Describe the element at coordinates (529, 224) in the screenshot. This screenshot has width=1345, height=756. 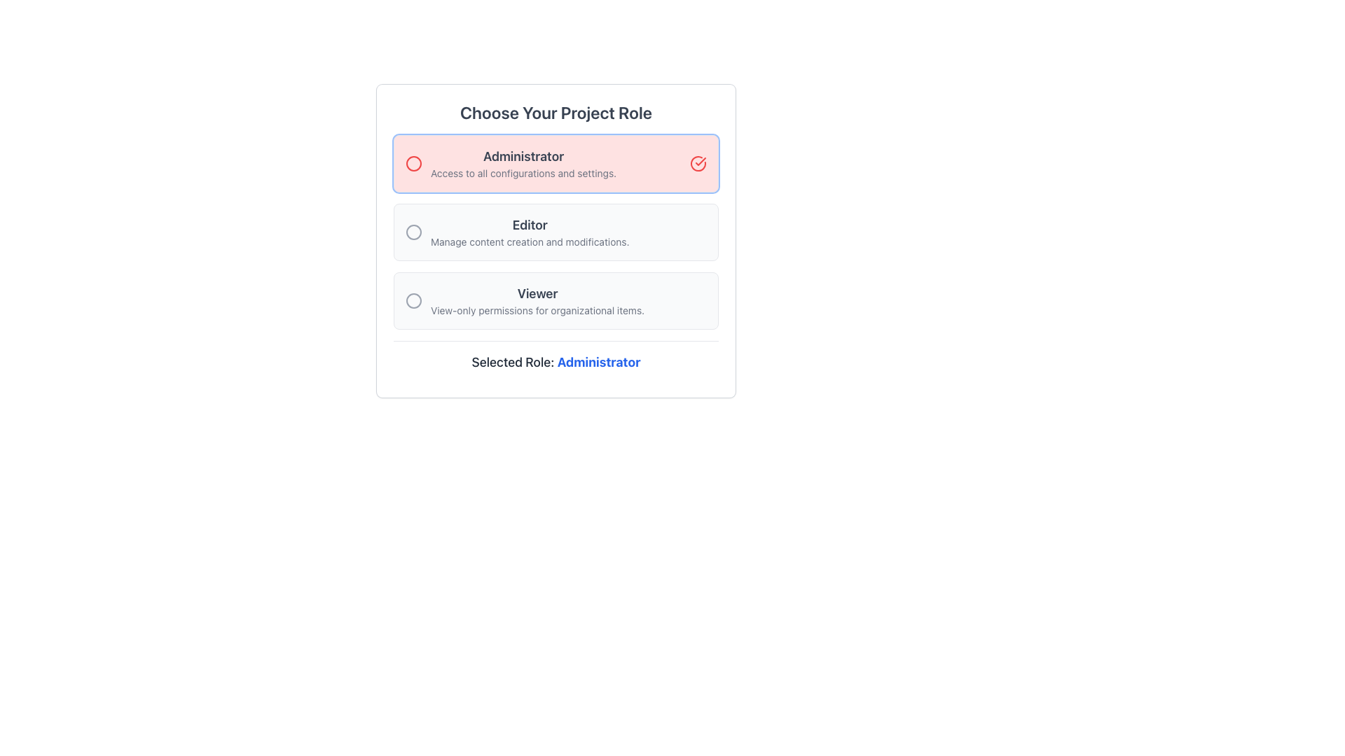
I see `the 'Editor' text label indicating the role within the role selection interface, positioned in the second option card between 'Administrator' and 'Viewer'` at that location.